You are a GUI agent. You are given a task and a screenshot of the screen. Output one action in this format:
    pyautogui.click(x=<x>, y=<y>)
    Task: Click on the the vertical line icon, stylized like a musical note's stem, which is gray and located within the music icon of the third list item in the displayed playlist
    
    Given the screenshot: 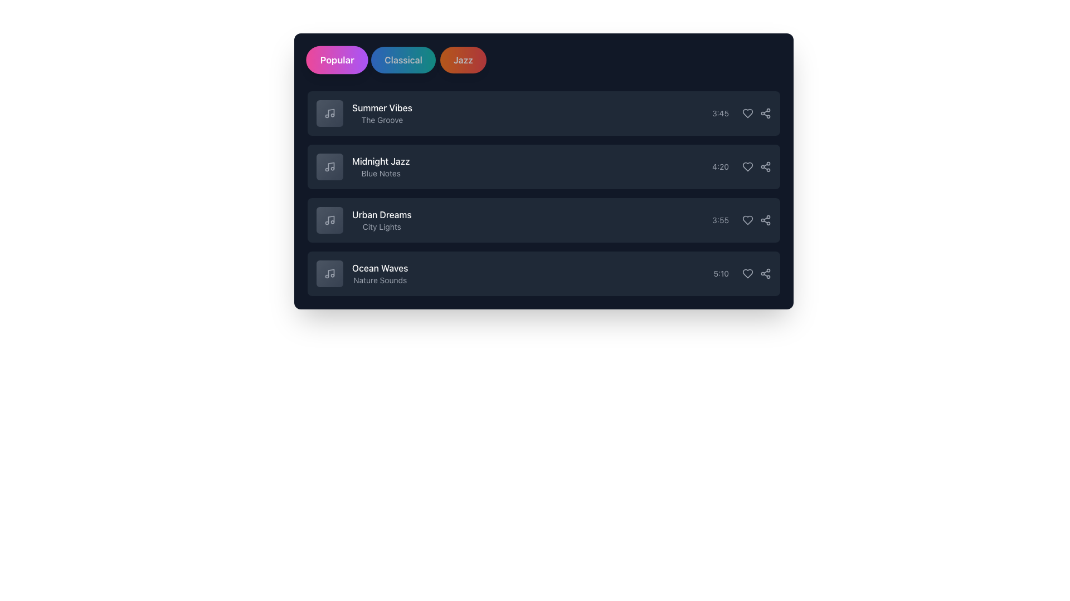 What is the action you would take?
    pyautogui.click(x=330, y=219)
    